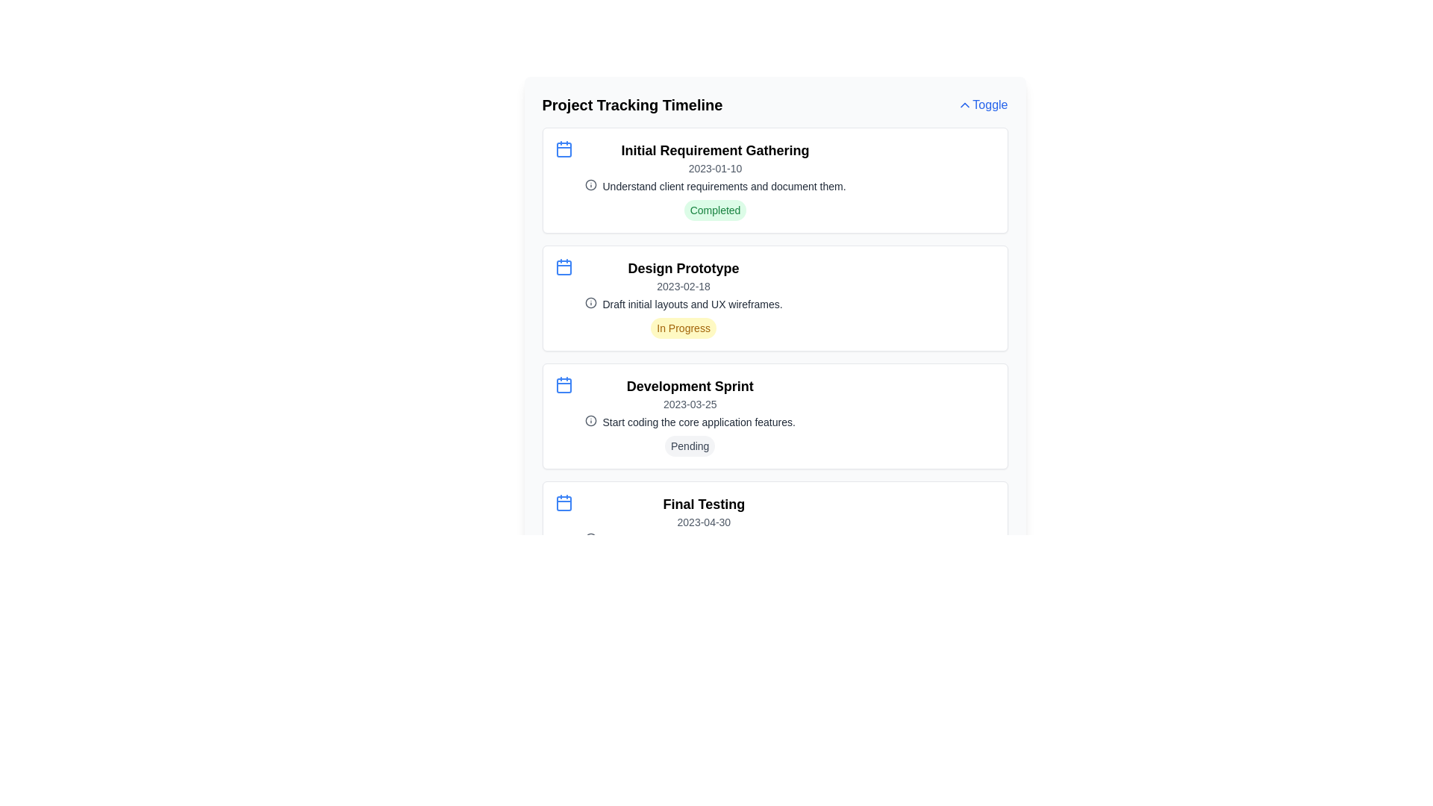 The height and width of the screenshot is (806, 1433). What do you see at coordinates (563, 266) in the screenshot?
I see `the square with rounded corners that is part of the SVG-based calendar icon located to the left of the text 'Design Prototype' in the timeline interface` at bounding box center [563, 266].